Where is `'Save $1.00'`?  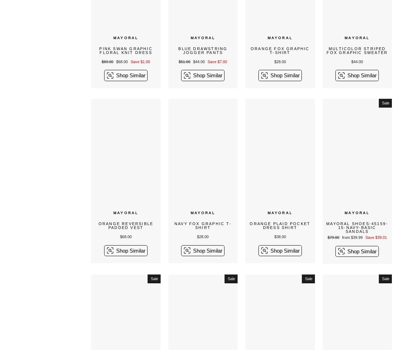
'Save $1.00' is located at coordinates (140, 61).